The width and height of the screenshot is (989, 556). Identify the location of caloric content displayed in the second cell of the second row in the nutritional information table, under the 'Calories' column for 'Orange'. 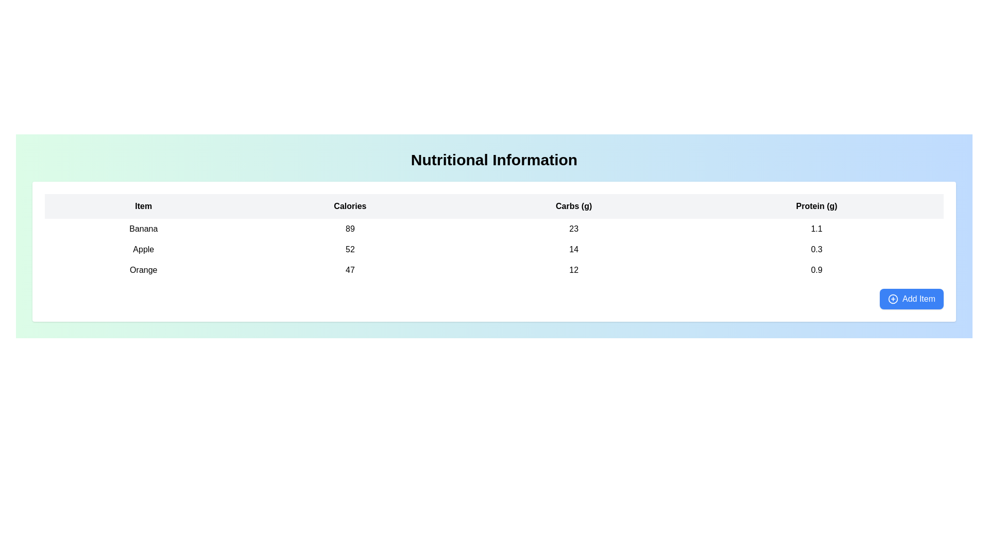
(350, 269).